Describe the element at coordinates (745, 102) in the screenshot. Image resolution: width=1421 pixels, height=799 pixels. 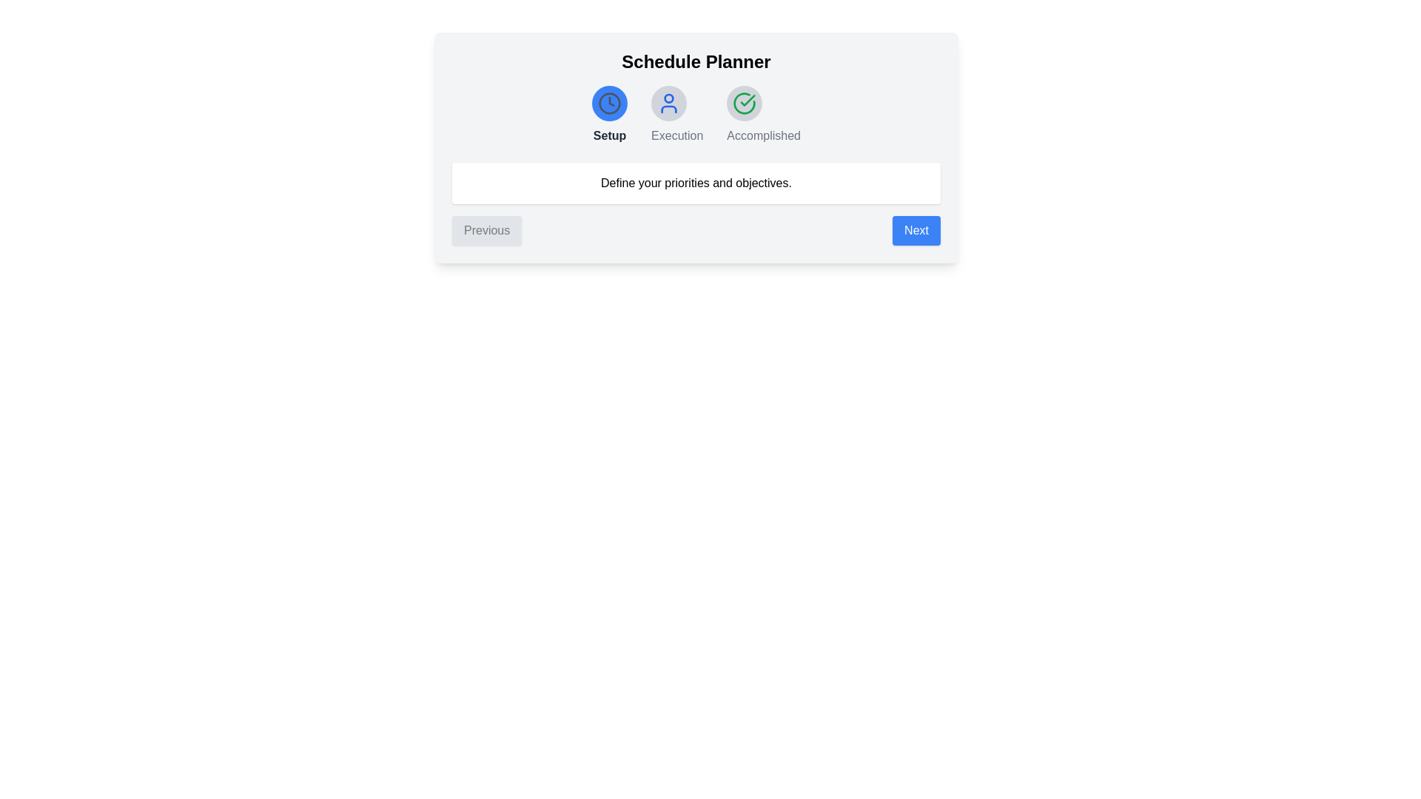
I see `the icon for the Accomplished step to navigate to it` at that location.